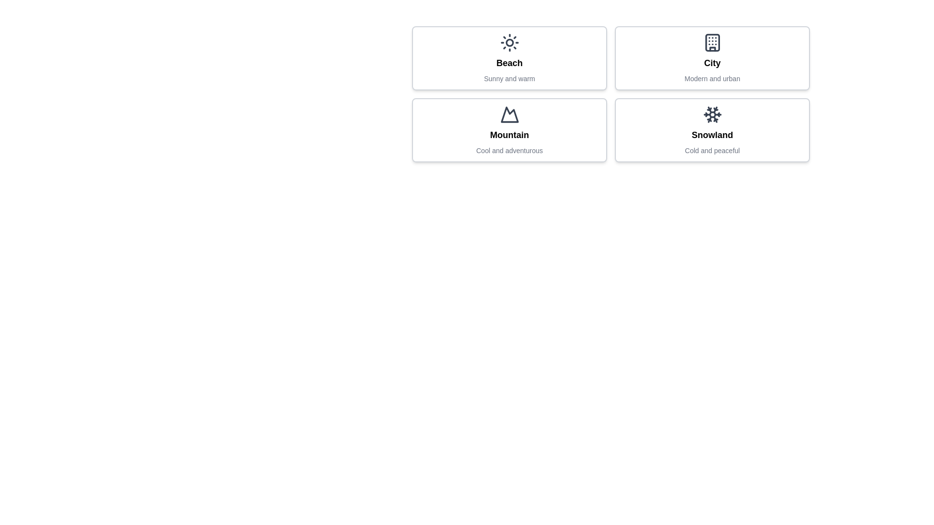  What do you see at coordinates (509, 78) in the screenshot?
I see `the text label displaying 'Sunny and warm' which is located beneath the prominently styled 'Beach' label in the top-left corner of the grid layout` at bounding box center [509, 78].